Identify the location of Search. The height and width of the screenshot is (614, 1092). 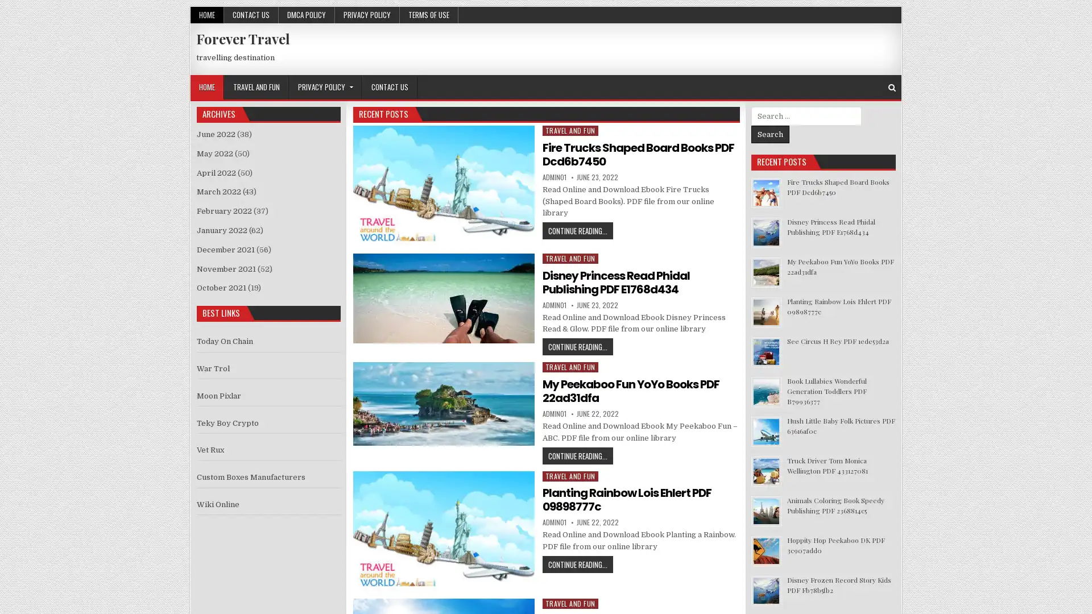
(770, 134).